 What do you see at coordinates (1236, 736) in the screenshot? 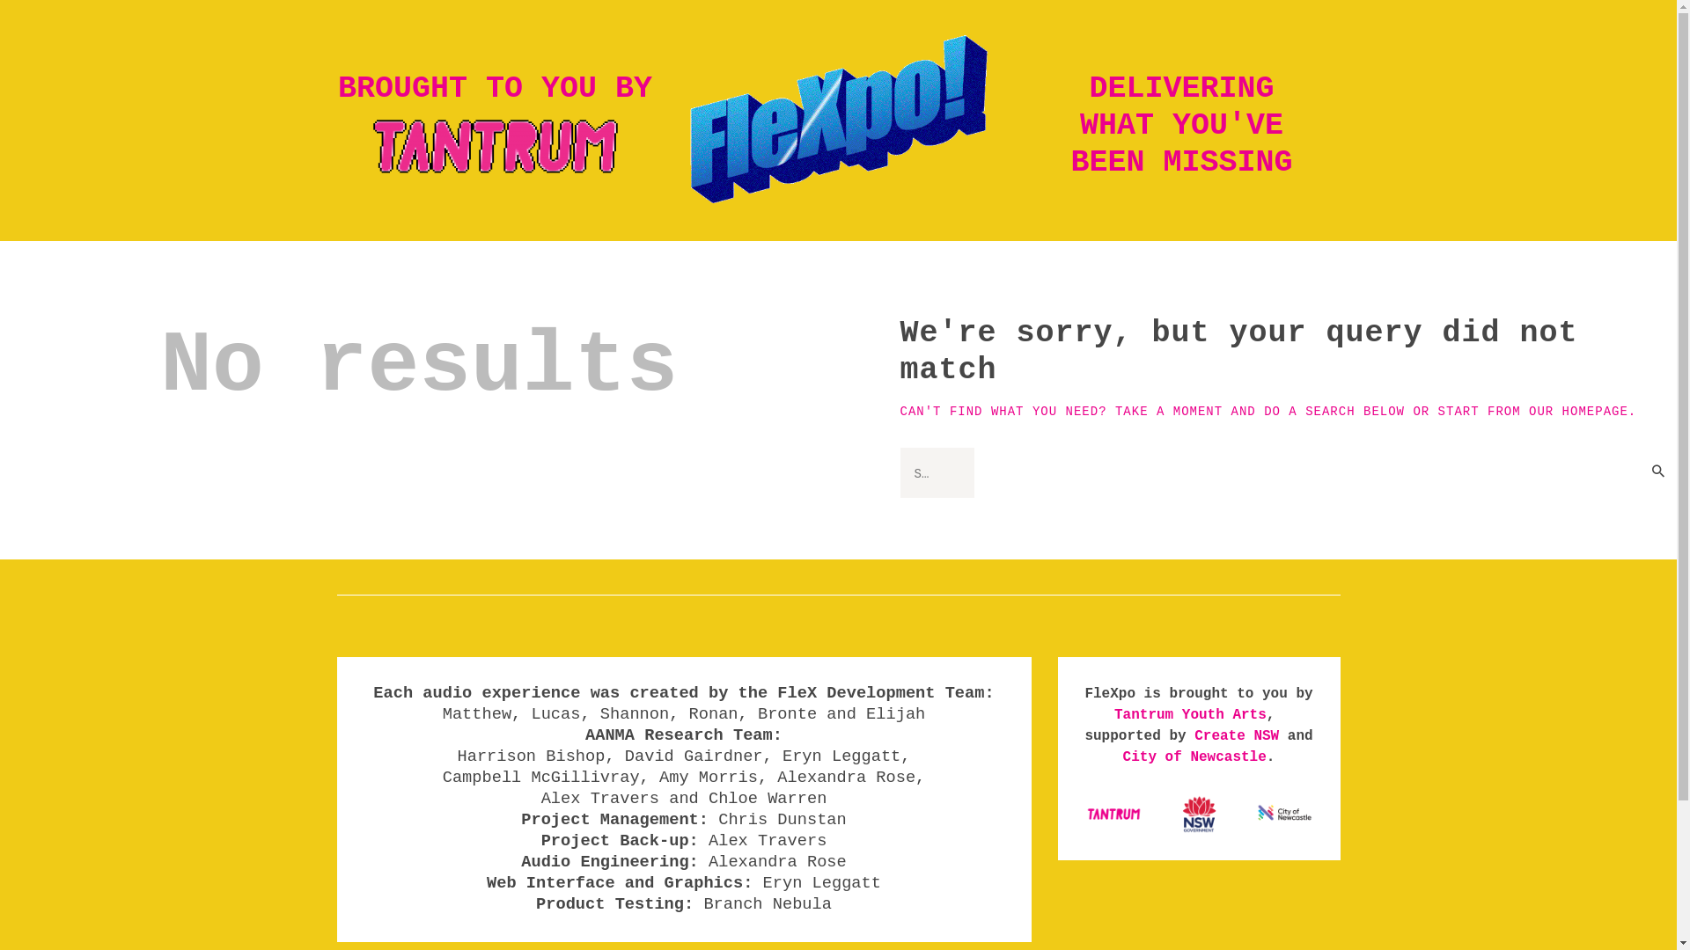
I see `'Create NSW'` at bounding box center [1236, 736].